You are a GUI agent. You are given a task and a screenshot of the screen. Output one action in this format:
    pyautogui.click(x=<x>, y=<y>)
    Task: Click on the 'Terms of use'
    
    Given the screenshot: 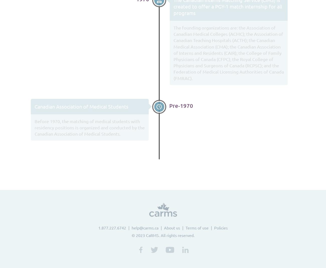 What is the action you would take?
    pyautogui.click(x=197, y=228)
    